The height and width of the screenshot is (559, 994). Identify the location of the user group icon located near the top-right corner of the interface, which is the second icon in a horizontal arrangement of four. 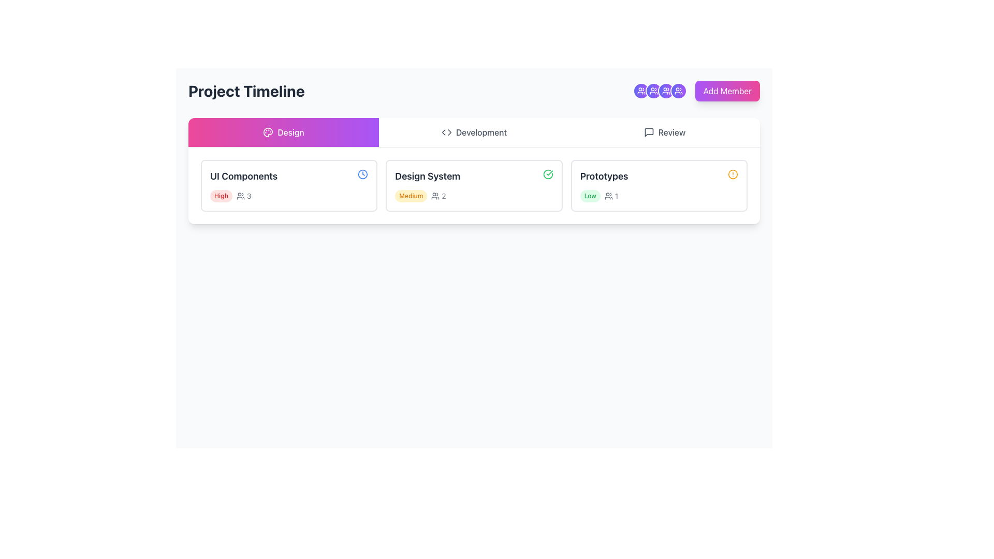
(640, 91).